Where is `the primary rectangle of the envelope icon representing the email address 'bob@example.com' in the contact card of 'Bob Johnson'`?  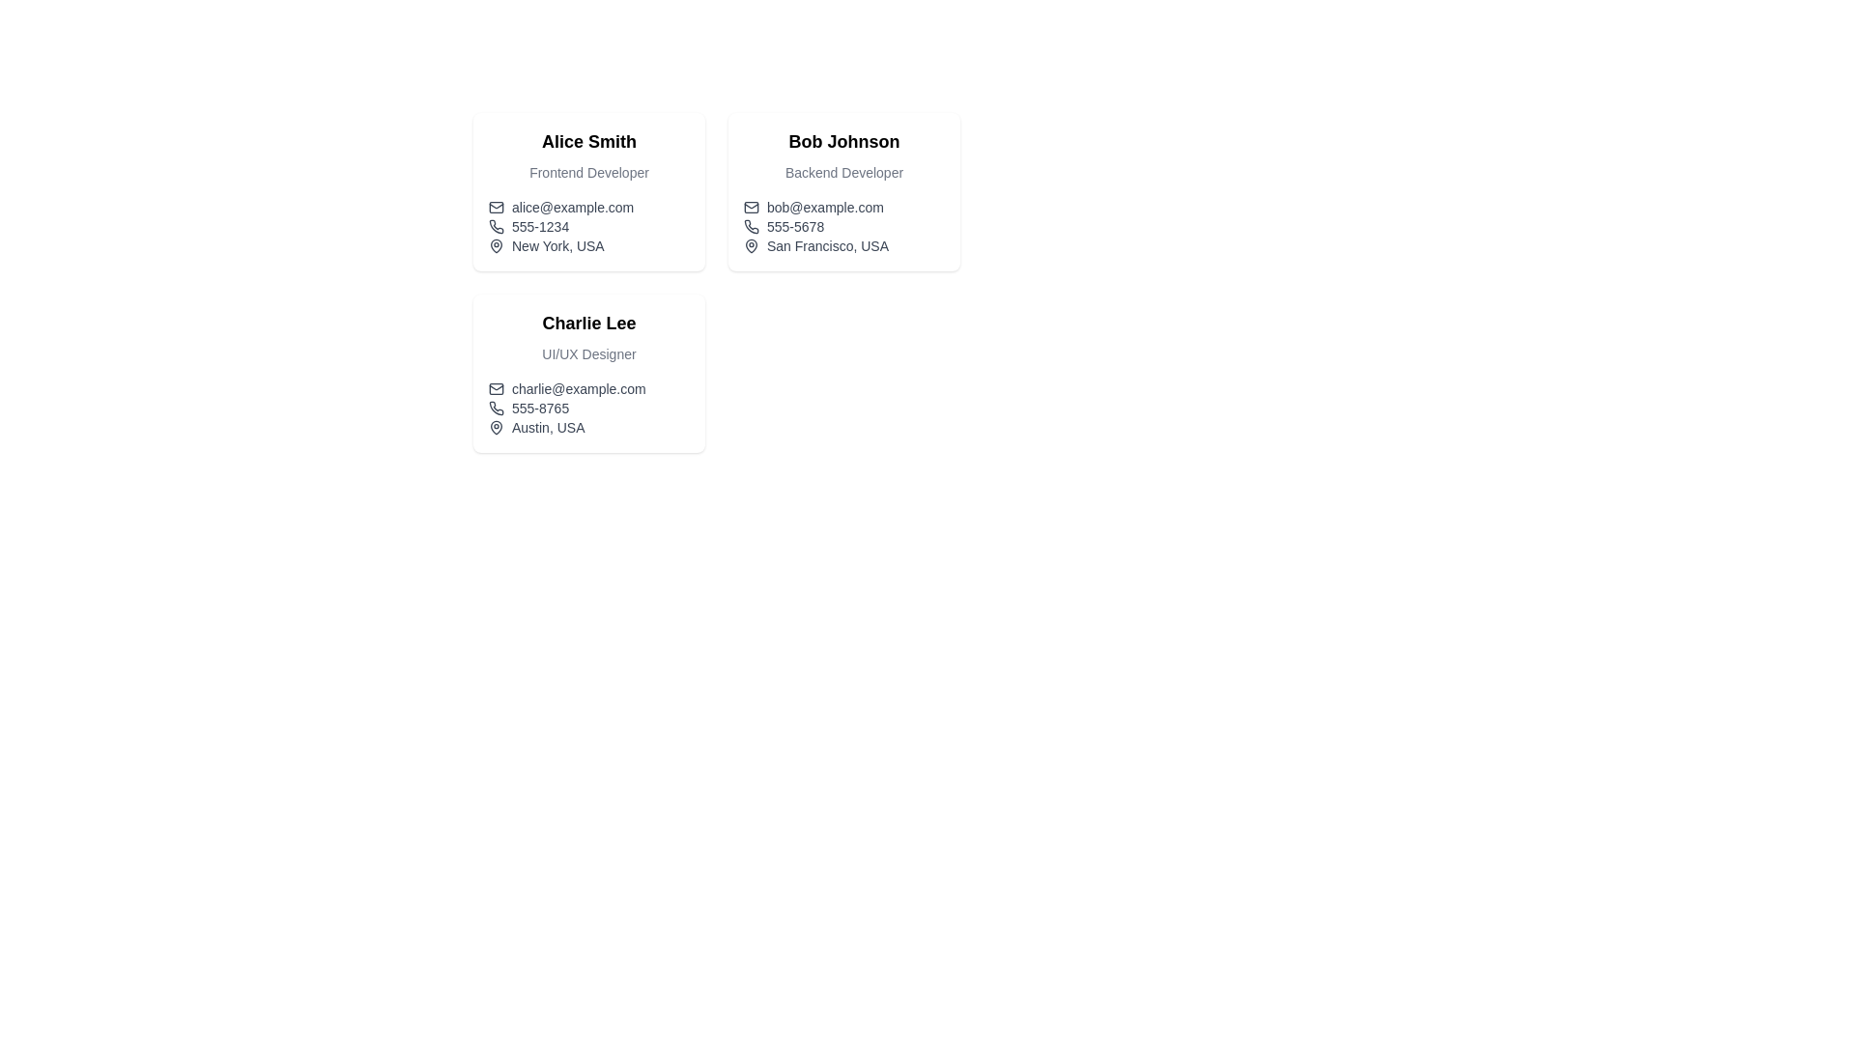 the primary rectangle of the envelope icon representing the email address 'bob@example.com' in the contact card of 'Bob Johnson' is located at coordinates (750, 208).